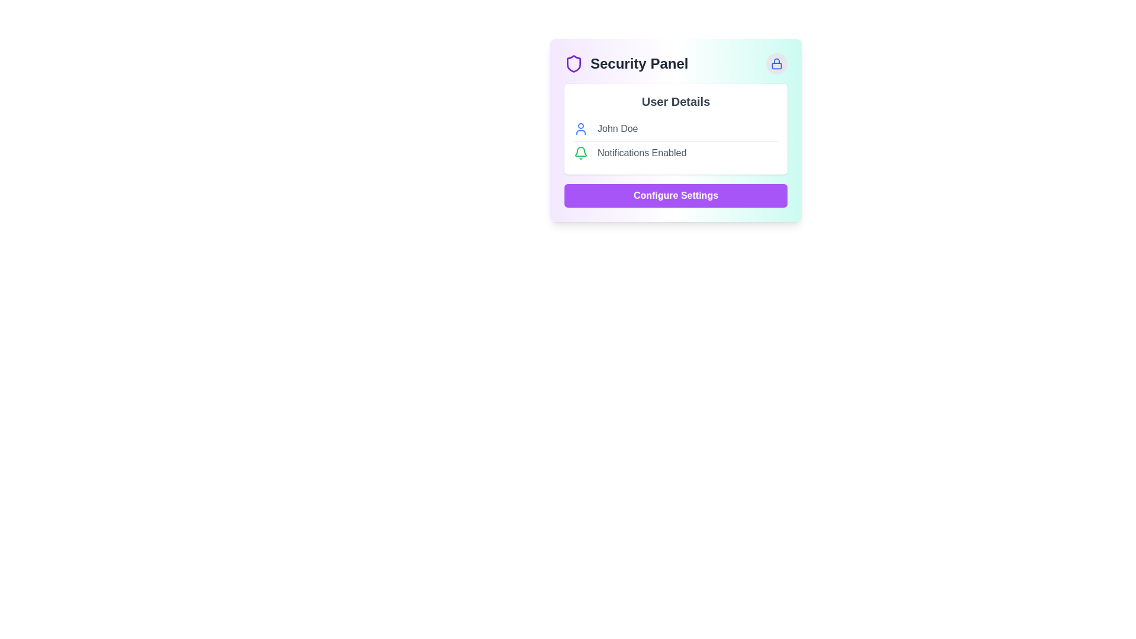 The height and width of the screenshot is (639, 1136). I want to click on the green vector graphic of the notification icon shaped like a bell, located in the 'Security Panel' next to the 'Notifications Enabled' text under 'User Details', so click(581, 151).